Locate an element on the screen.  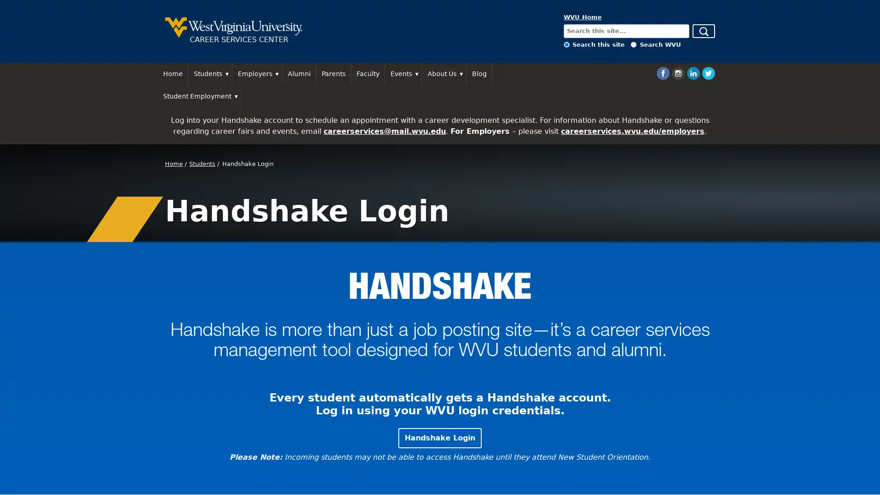
Search is located at coordinates (703, 31).